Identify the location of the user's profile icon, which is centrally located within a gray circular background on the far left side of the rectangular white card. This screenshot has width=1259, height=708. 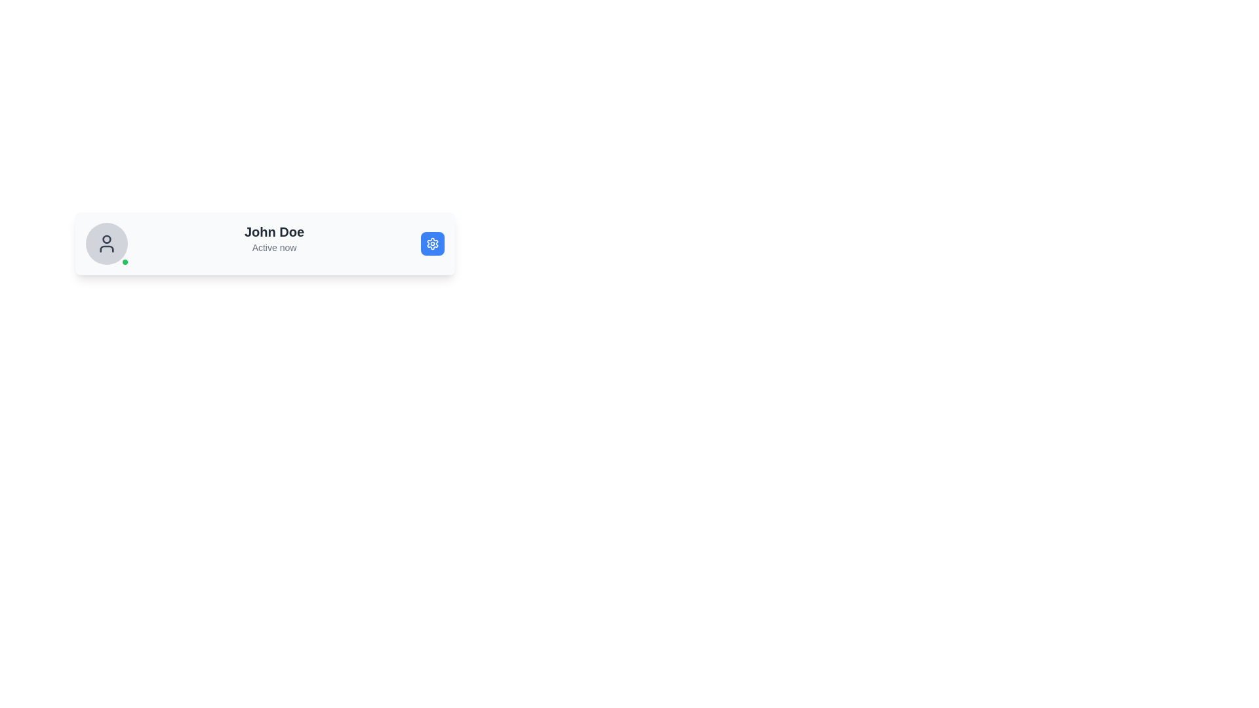
(107, 243).